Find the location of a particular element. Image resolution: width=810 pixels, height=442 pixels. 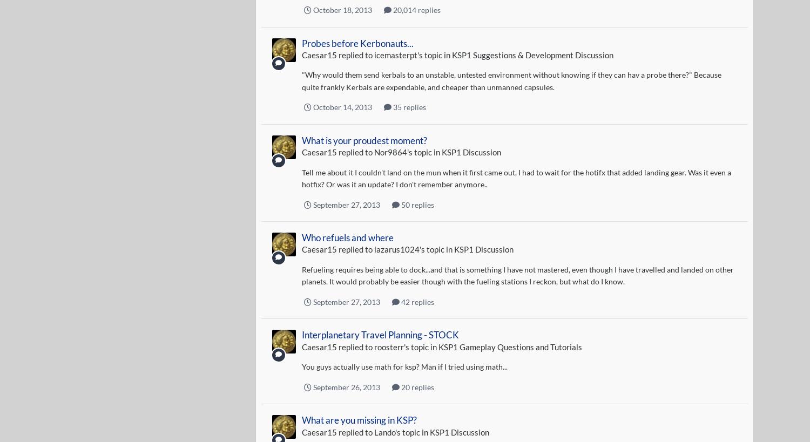

'Refueling requires being able to dock...and that is something I have not mastered, even though I have travelled and landed on other planets. It would probably be easier though with the fueling stations I reckon, but what do I know.' is located at coordinates (517, 274).